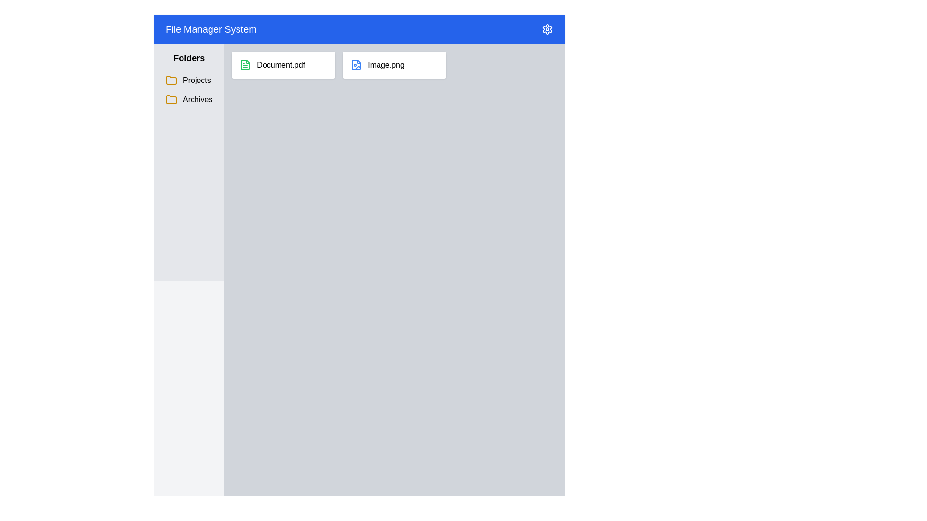 This screenshot has width=927, height=521. I want to click on the 'Archives' menu item in the left sidebar, which is a folder entry with a yellow folder icon and black text, positioned directly below 'Projects', so click(189, 100).